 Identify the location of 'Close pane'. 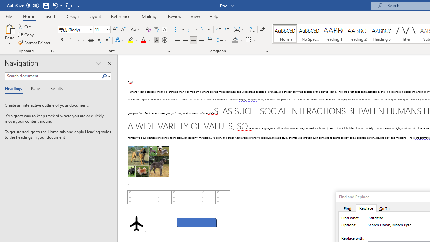
(109, 64).